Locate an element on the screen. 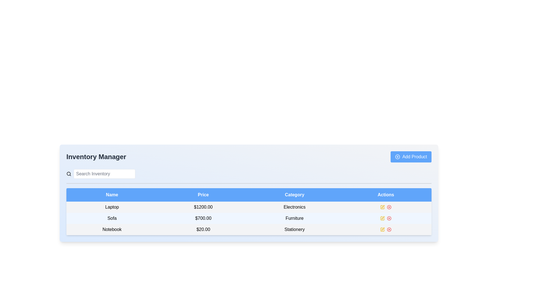 This screenshot has height=302, width=538. the delete icon in the Actions column of the first row for the Electronics category is located at coordinates (389, 207).